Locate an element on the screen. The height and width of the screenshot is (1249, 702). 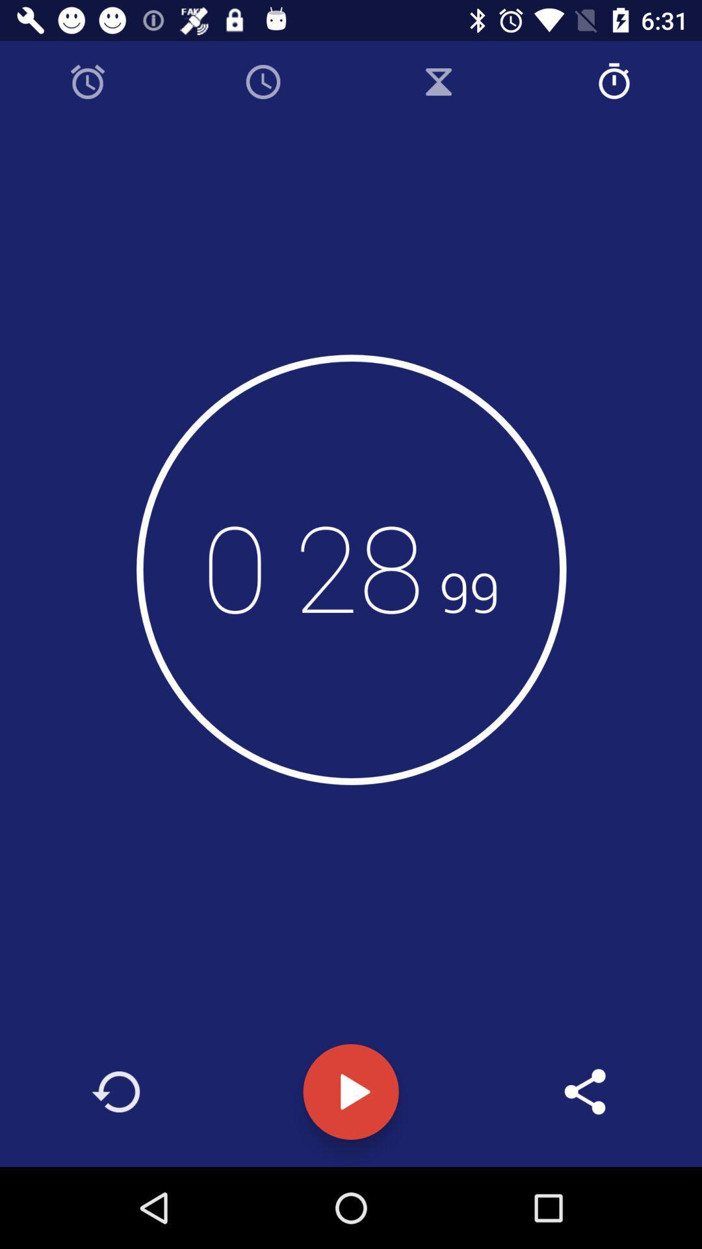
the arrow_forward icon is located at coordinates (117, 1092).